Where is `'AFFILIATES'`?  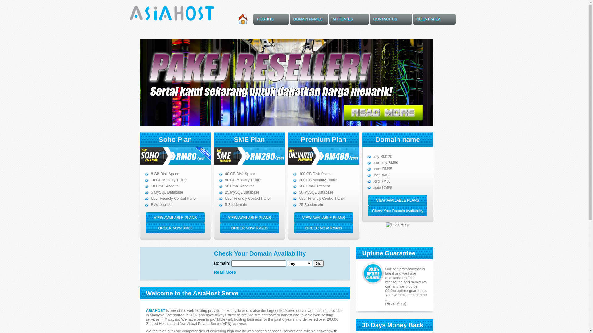
'AFFILIATES' is located at coordinates (348, 19).